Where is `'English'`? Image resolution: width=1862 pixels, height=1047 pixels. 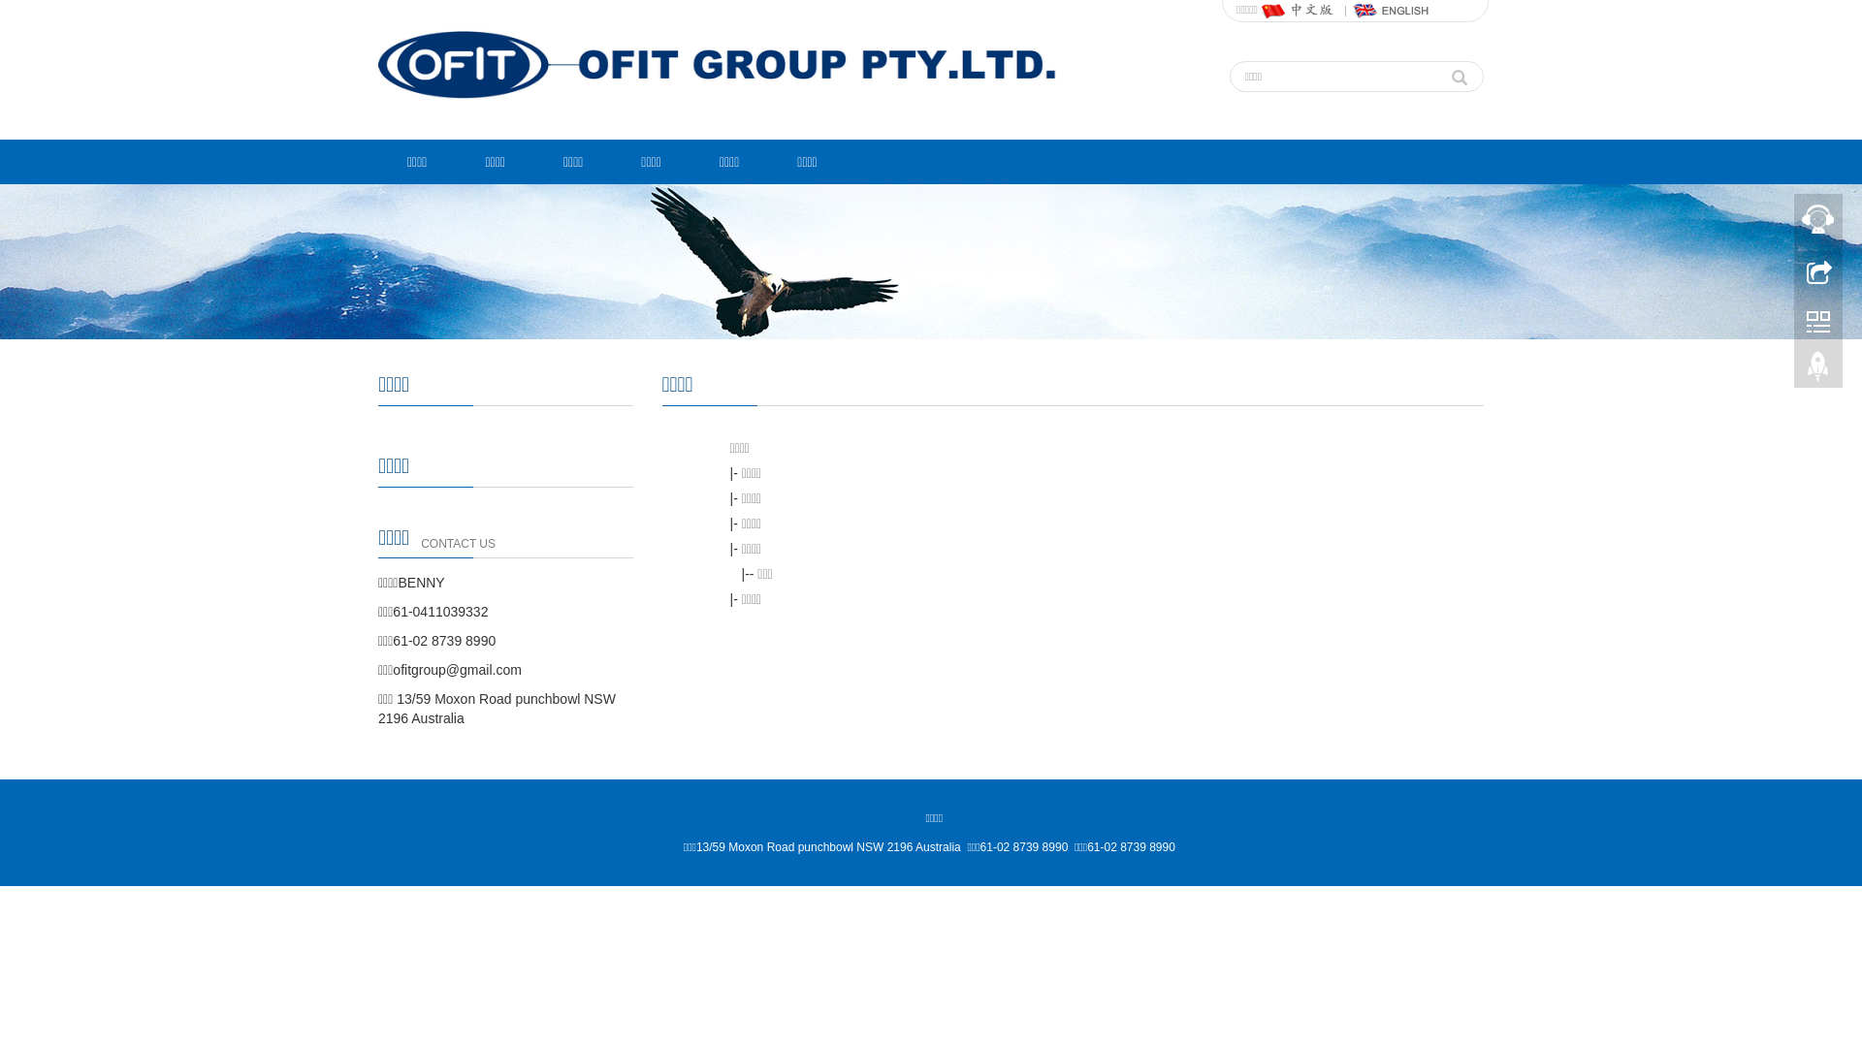
'English' is located at coordinates (1391, 10).